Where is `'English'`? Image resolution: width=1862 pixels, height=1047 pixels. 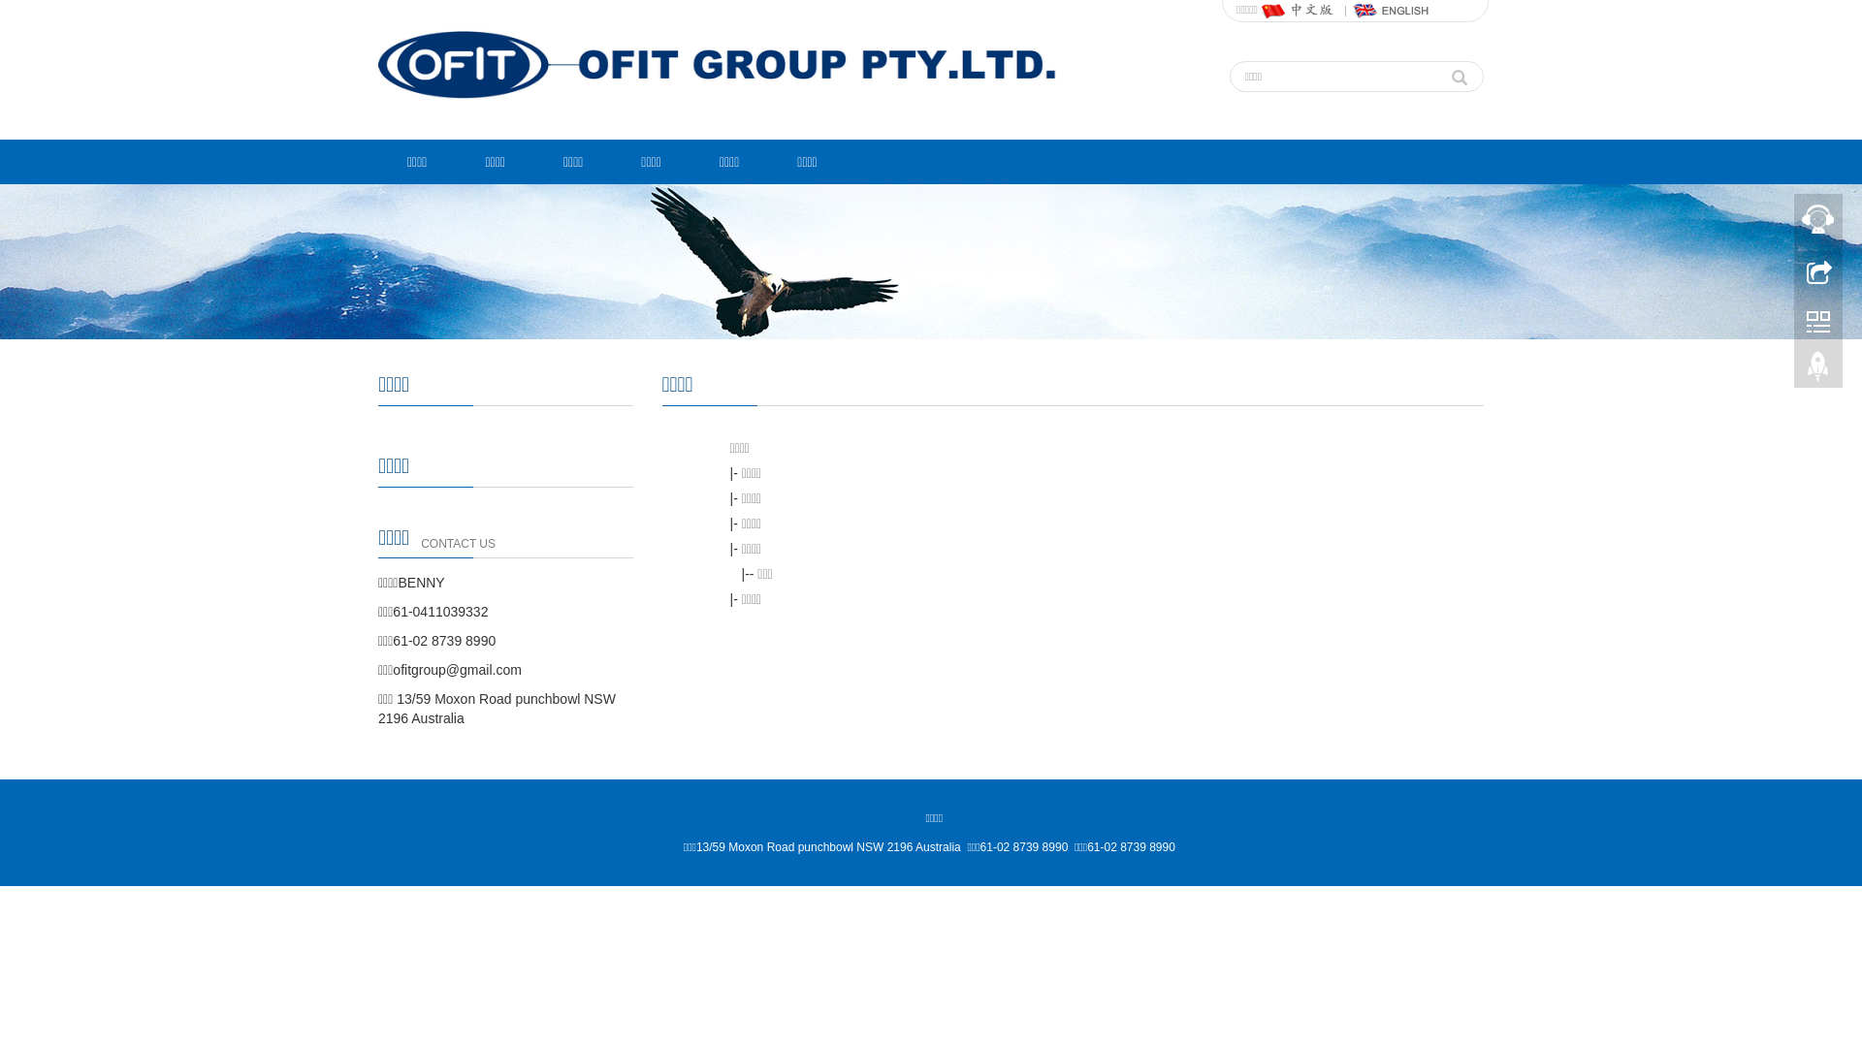
'English' is located at coordinates (1391, 10).